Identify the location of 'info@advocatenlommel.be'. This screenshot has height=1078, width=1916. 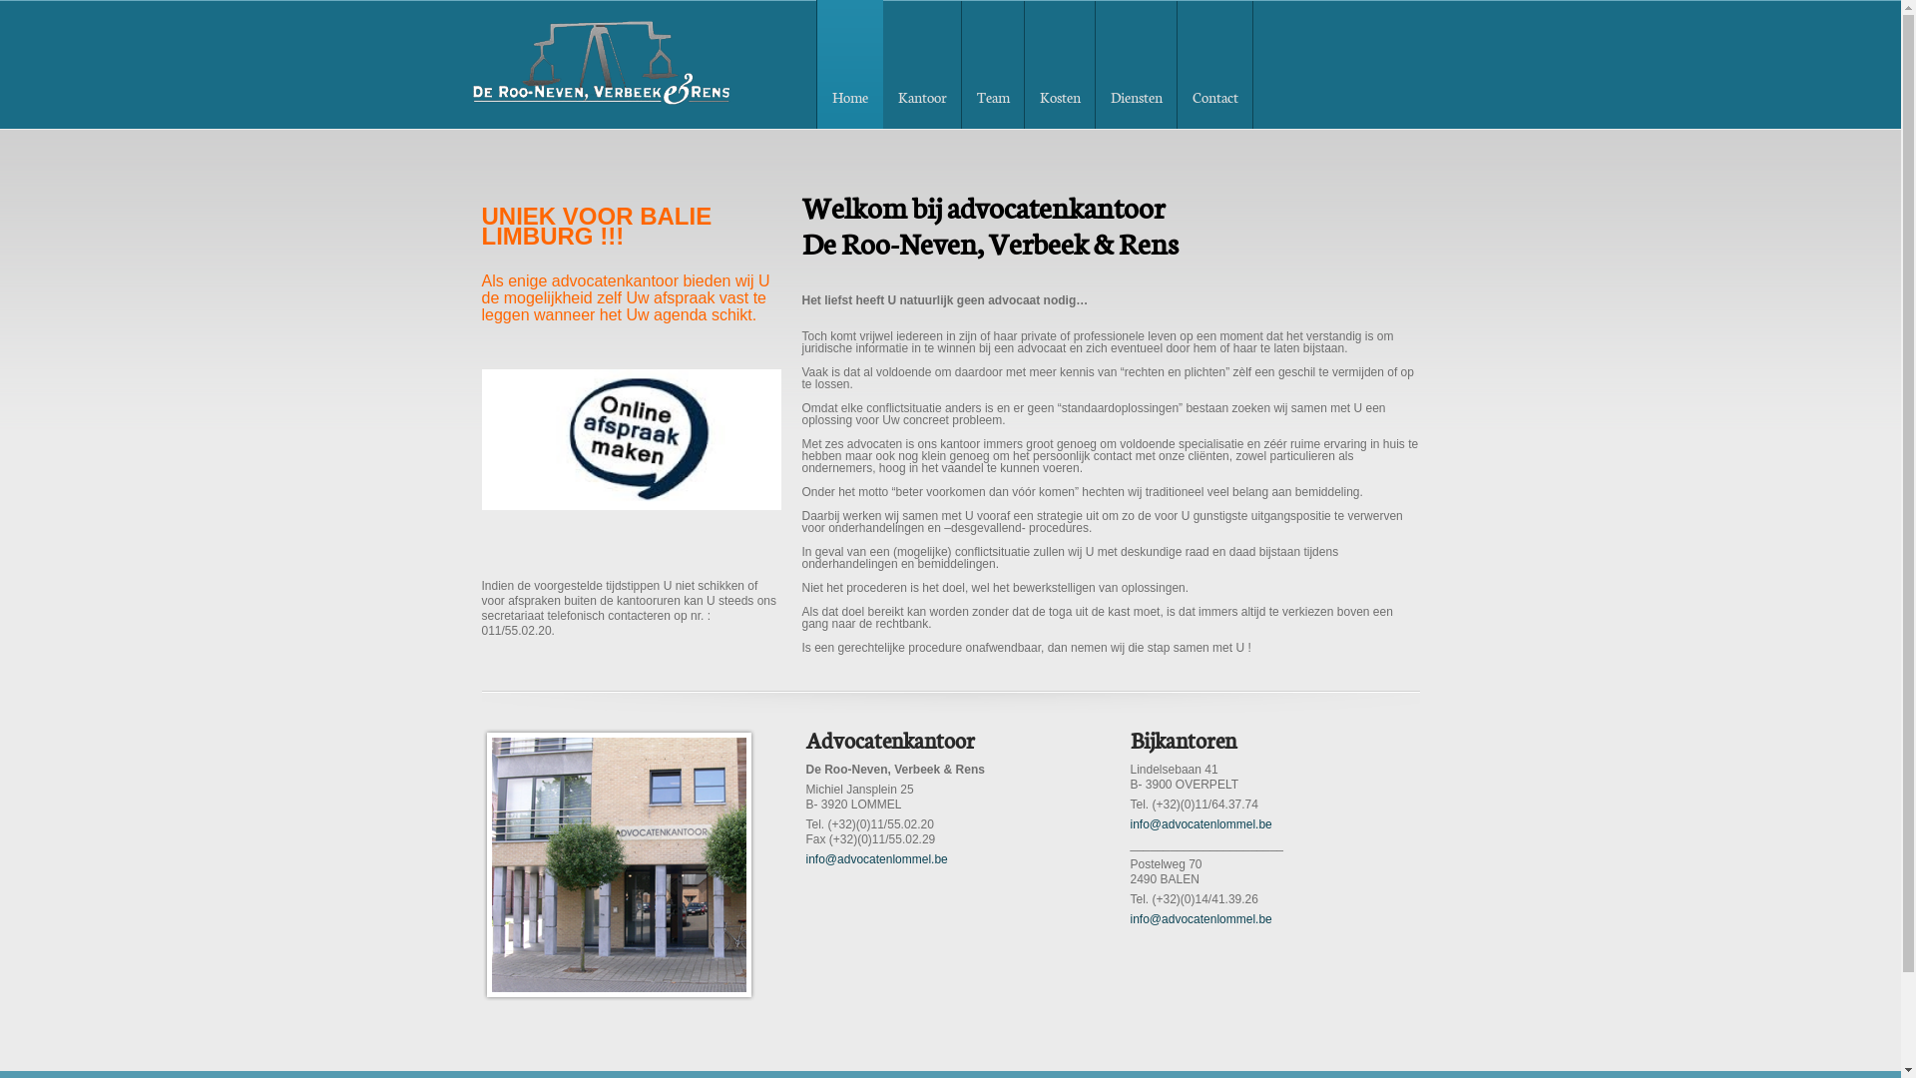
(1199, 919).